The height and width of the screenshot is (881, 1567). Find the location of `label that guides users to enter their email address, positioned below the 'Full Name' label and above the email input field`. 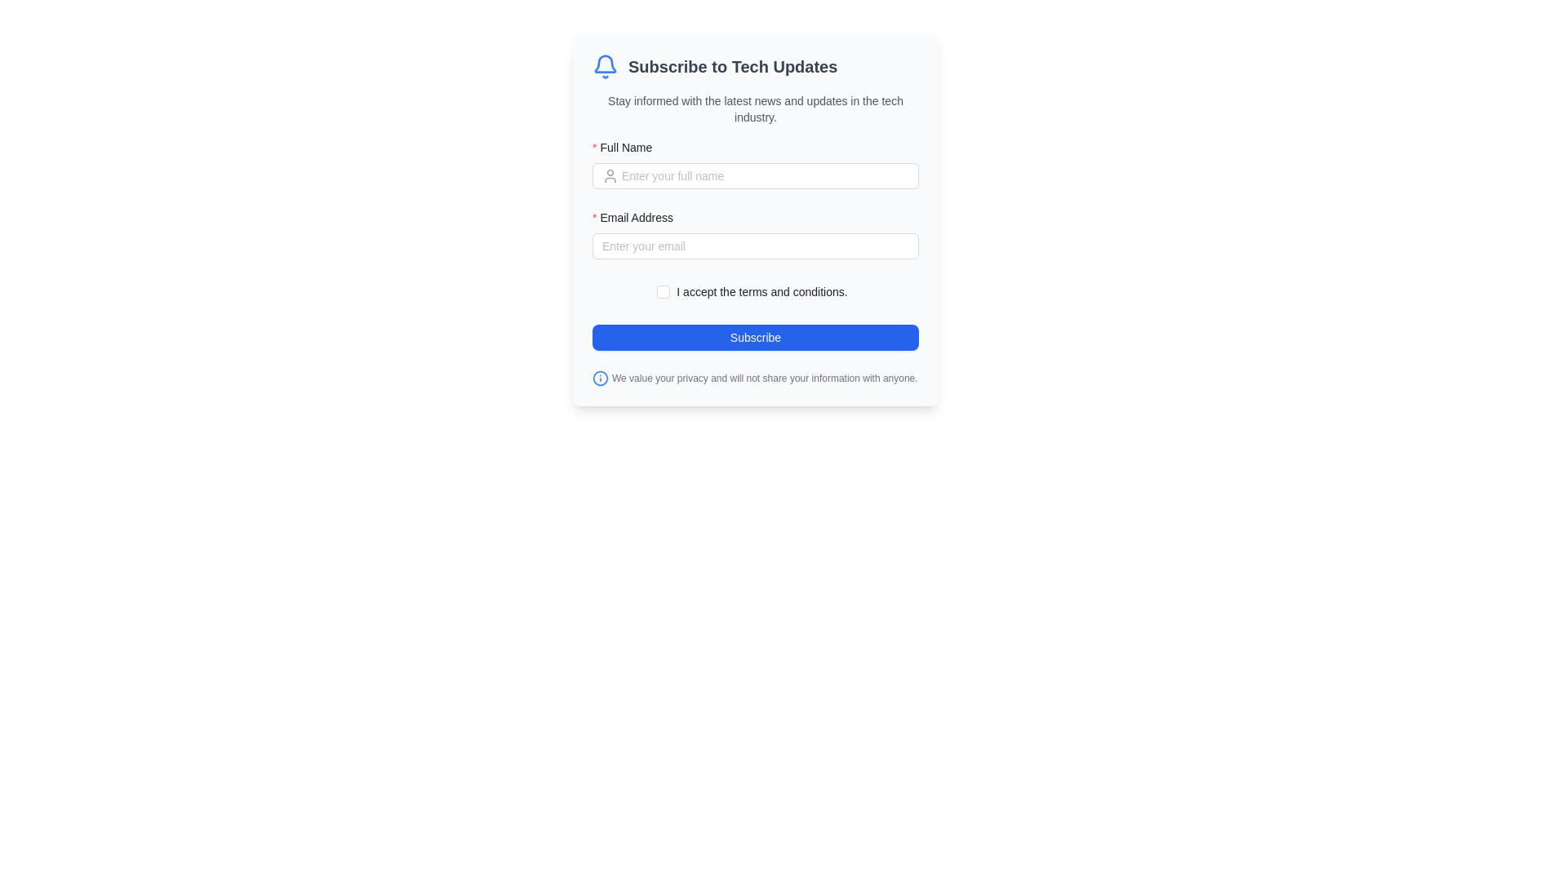

label that guides users to enter their email address, positioned below the 'Full Name' label and above the email input field is located at coordinates (637, 216).